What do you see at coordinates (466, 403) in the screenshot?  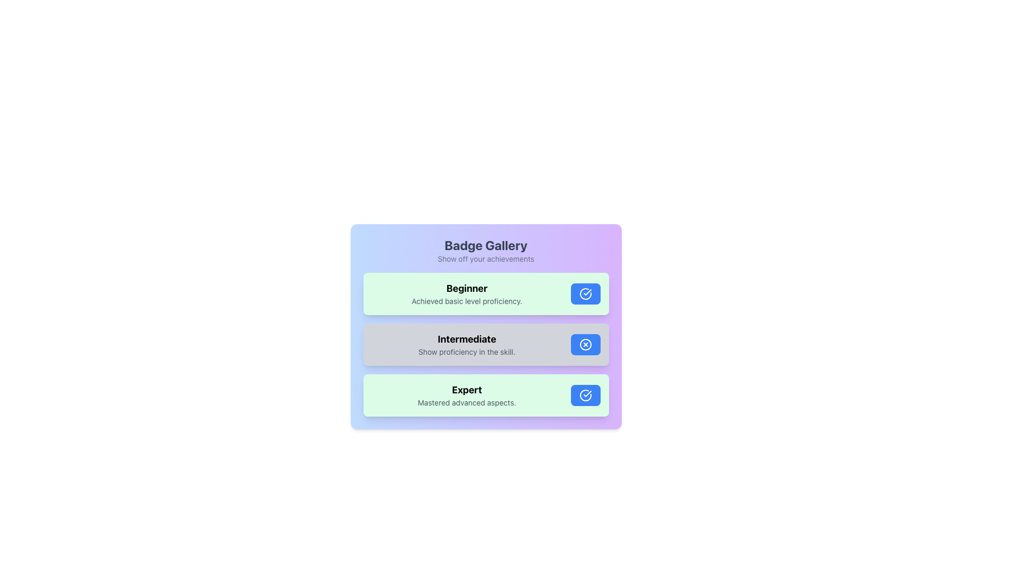 I see `the descriptive text block located below the 'Expert' badge within the green background section` at bounding box center [466, 403].